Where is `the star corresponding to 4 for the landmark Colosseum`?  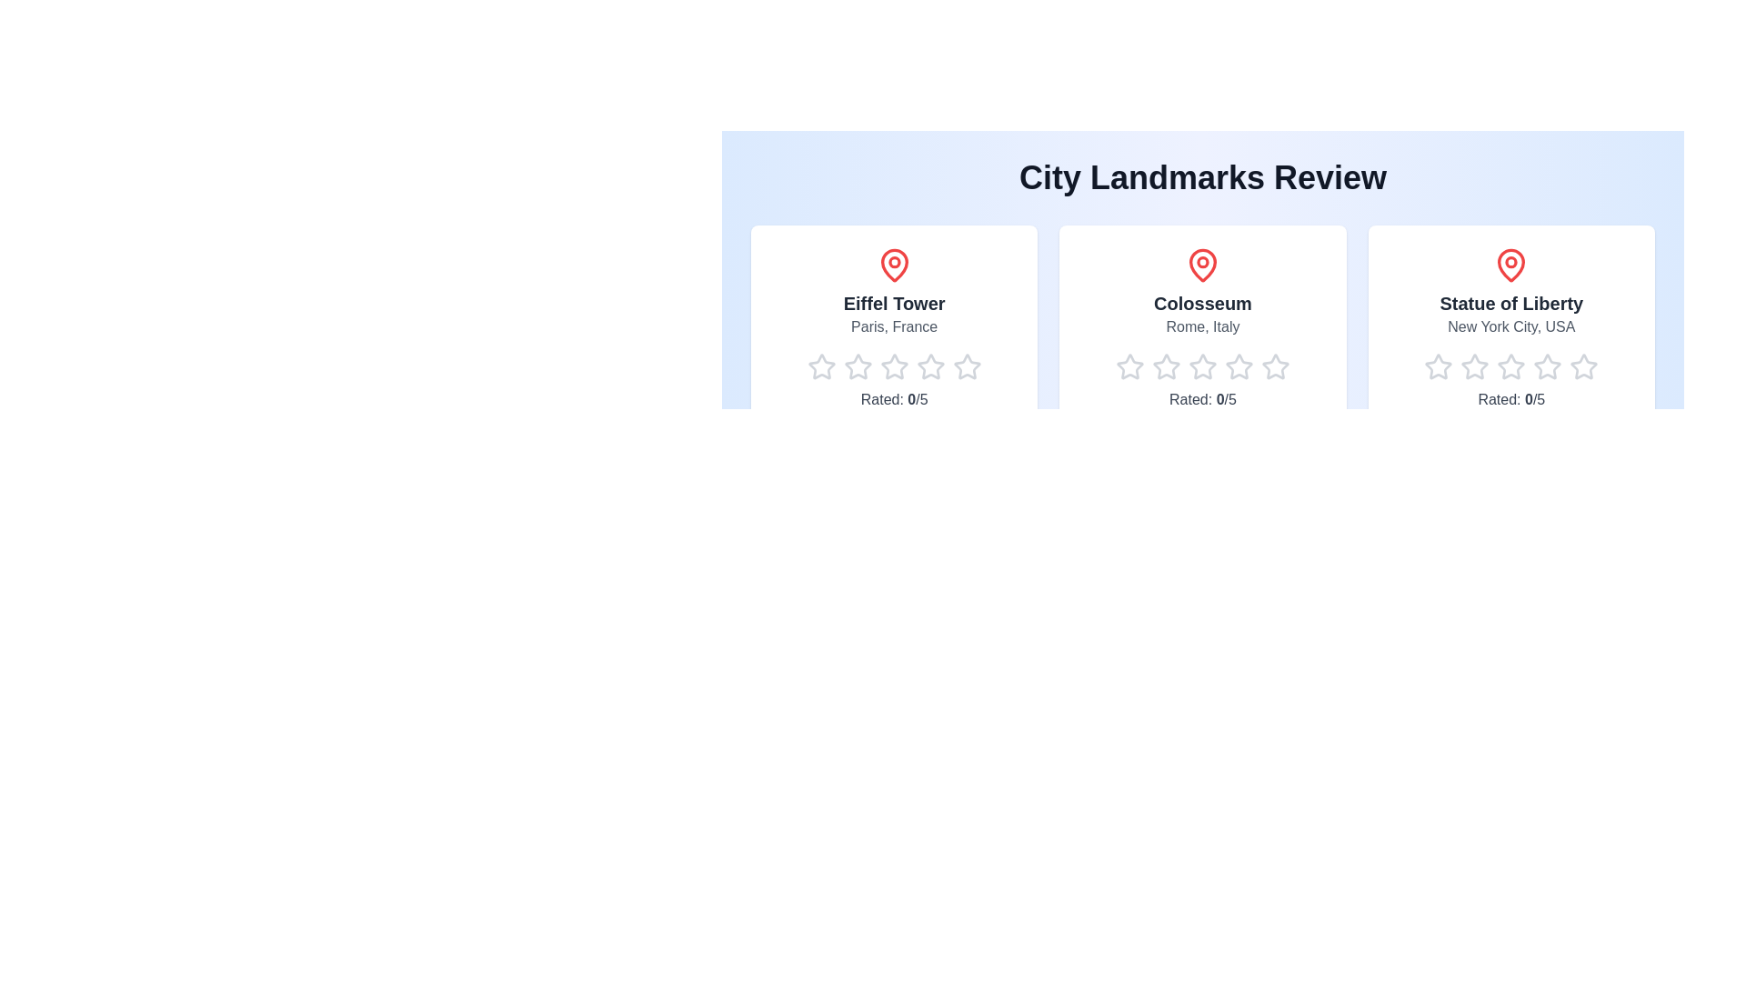
the star corresponding to 4 for the landmark Colosseum is located at coordinates (1225, 367).